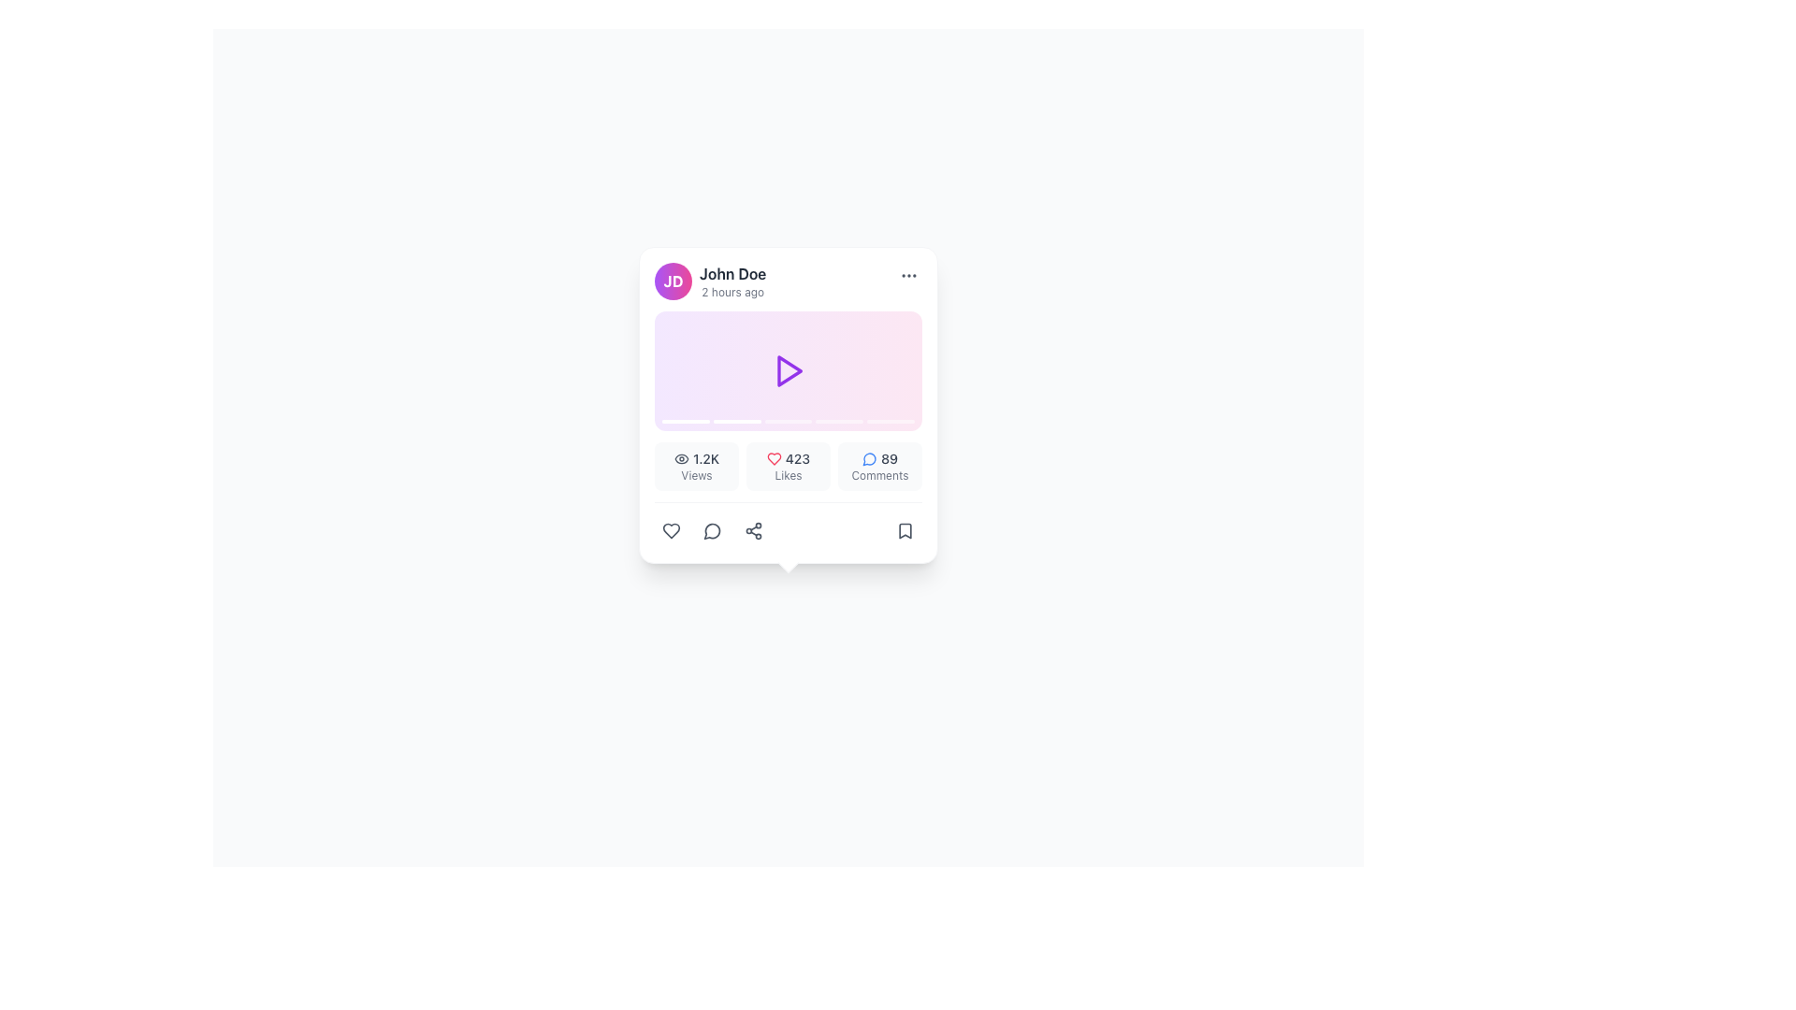  I want to click on the circular avatar displaying the initials 'JD' in the Profile Information Display, so click(789, 281).